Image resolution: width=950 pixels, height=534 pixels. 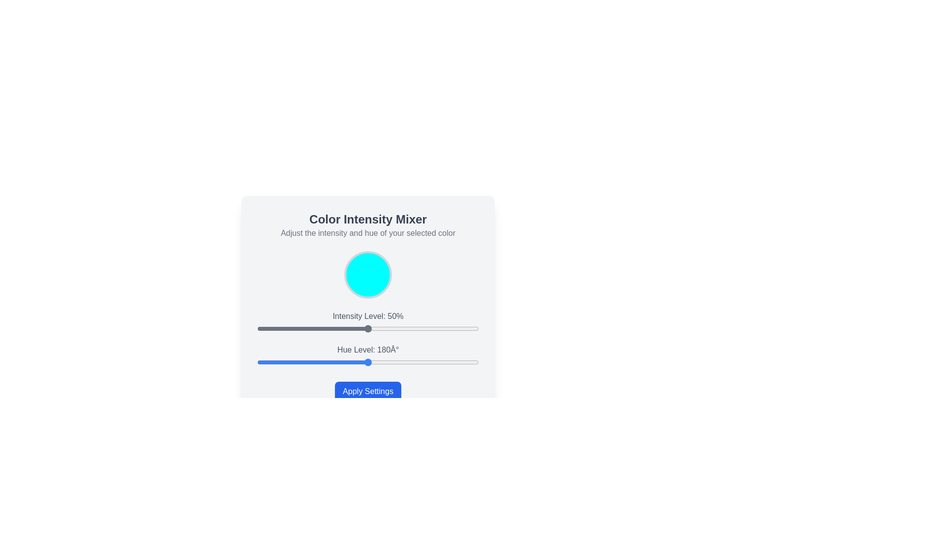 What do you see at coordinates (368, 391) in the screenshot?
I see `the 'Apply Settings' button` at bounding box center [368, 391].